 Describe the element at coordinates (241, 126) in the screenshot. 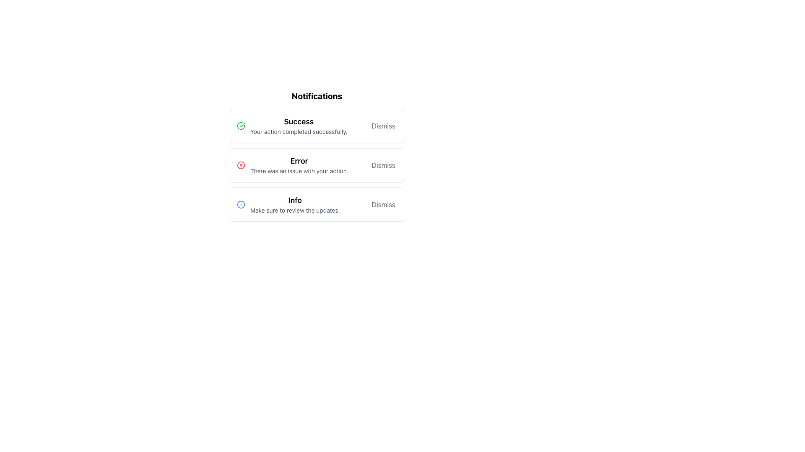

I see `the outermost element of the circular outline in the green checkmark icon within the 'Success' notification panel` at that location.